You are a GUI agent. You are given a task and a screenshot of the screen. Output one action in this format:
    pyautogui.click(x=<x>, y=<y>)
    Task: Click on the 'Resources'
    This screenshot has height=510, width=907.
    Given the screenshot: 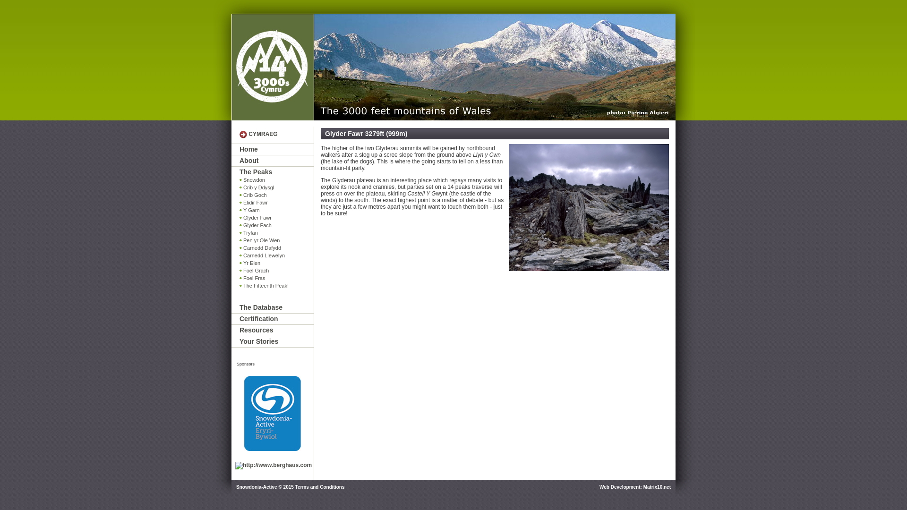 What is the action you would take?
    pyautogui.click(x=276, y=330)
    